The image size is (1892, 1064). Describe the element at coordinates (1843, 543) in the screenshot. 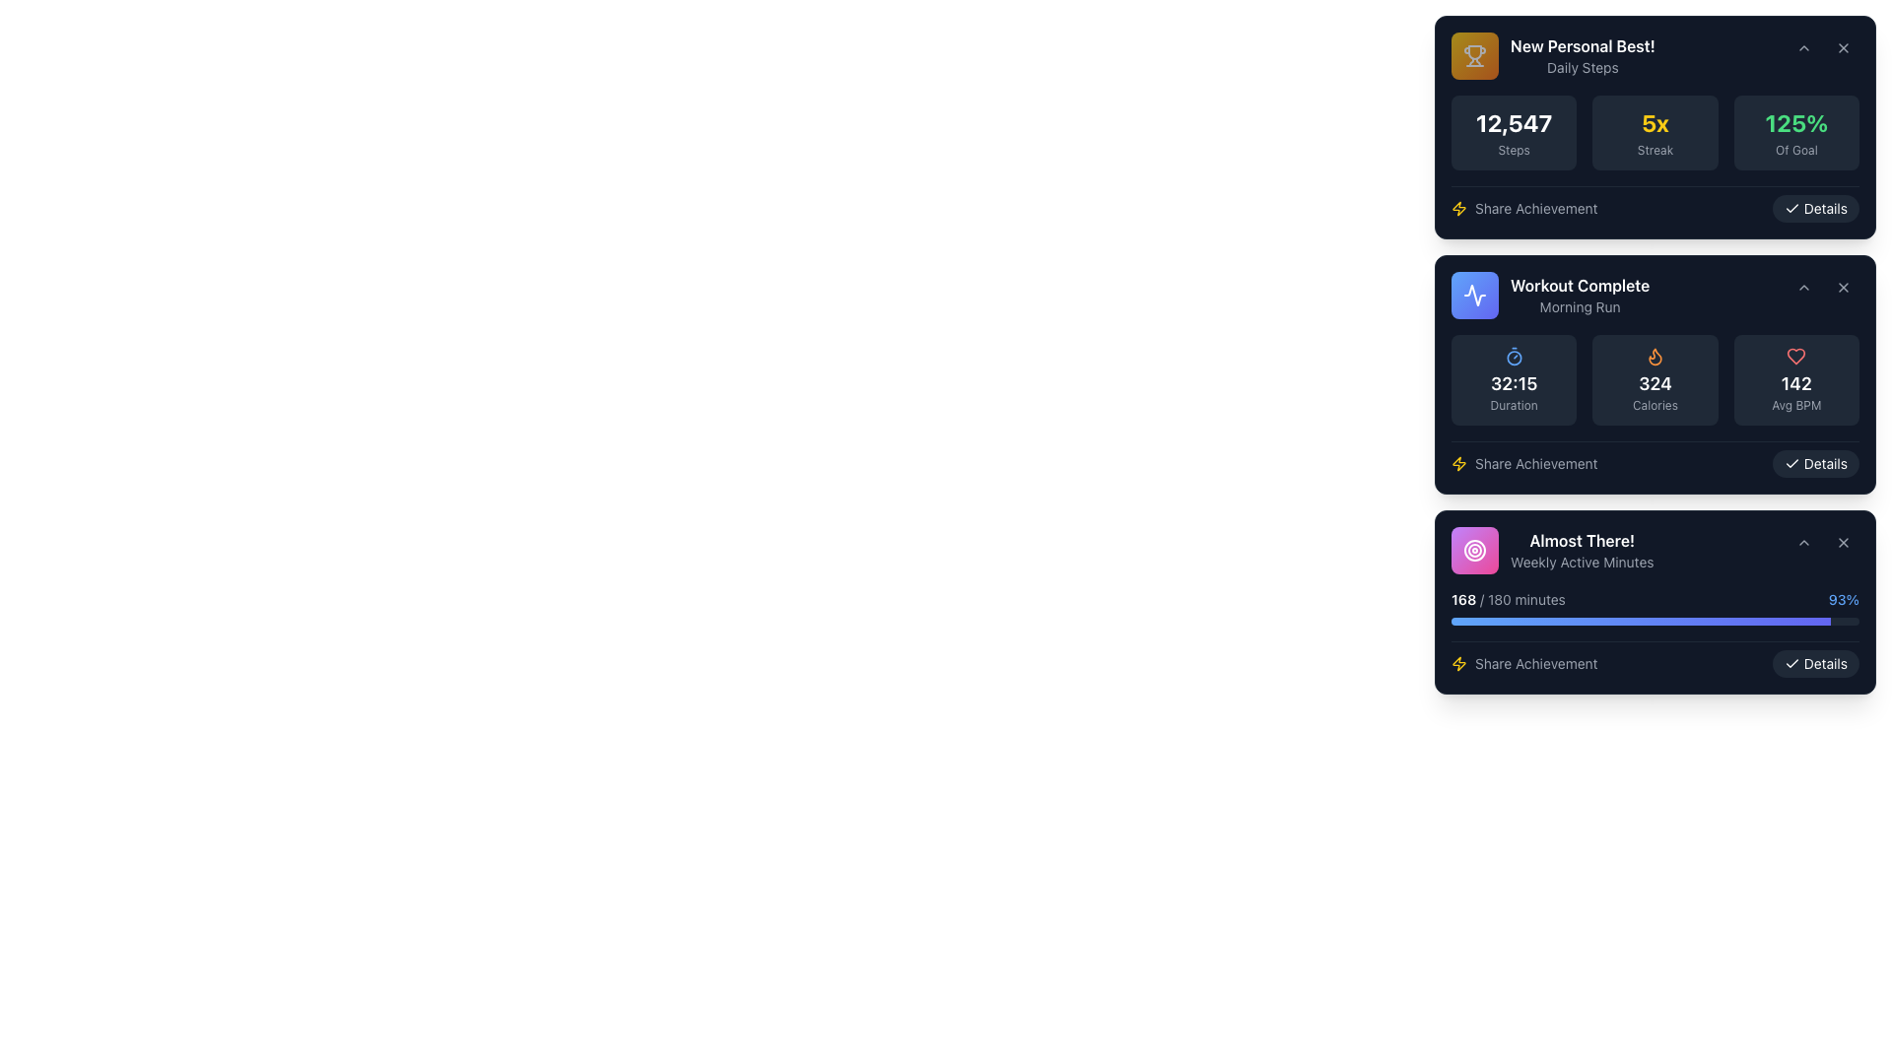

I see `the close icon located in the top-right corner of the 'Almost There!' card, beneath the title 'Weekly Active Minutes'` at that location.